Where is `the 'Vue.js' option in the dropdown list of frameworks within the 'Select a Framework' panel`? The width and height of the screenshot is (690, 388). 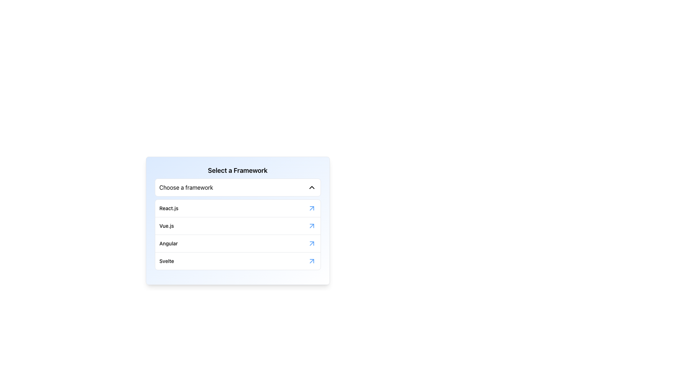 the 'Vue.js' option in the dropdown list of frameworks within the 'Select a Framework' panel is located at coordinates (238, 220).